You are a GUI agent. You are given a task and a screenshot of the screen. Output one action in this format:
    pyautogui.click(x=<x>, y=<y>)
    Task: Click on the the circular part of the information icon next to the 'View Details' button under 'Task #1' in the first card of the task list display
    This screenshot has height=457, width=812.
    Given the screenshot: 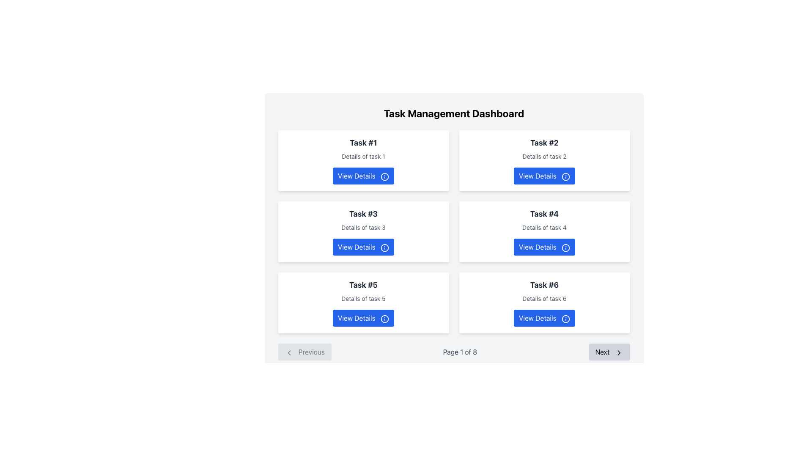 What is the action you would take?
    pyautogui.click(x=384, y=176)
    